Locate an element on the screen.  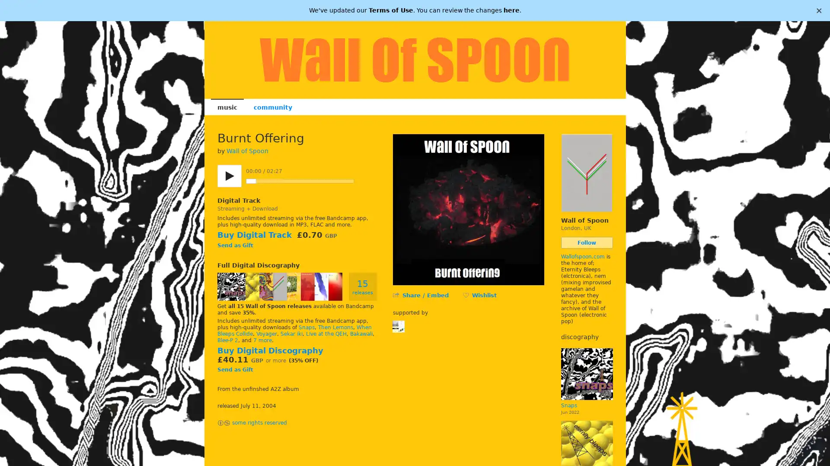
Buy Digital Track is located at coordinates (254, 235).